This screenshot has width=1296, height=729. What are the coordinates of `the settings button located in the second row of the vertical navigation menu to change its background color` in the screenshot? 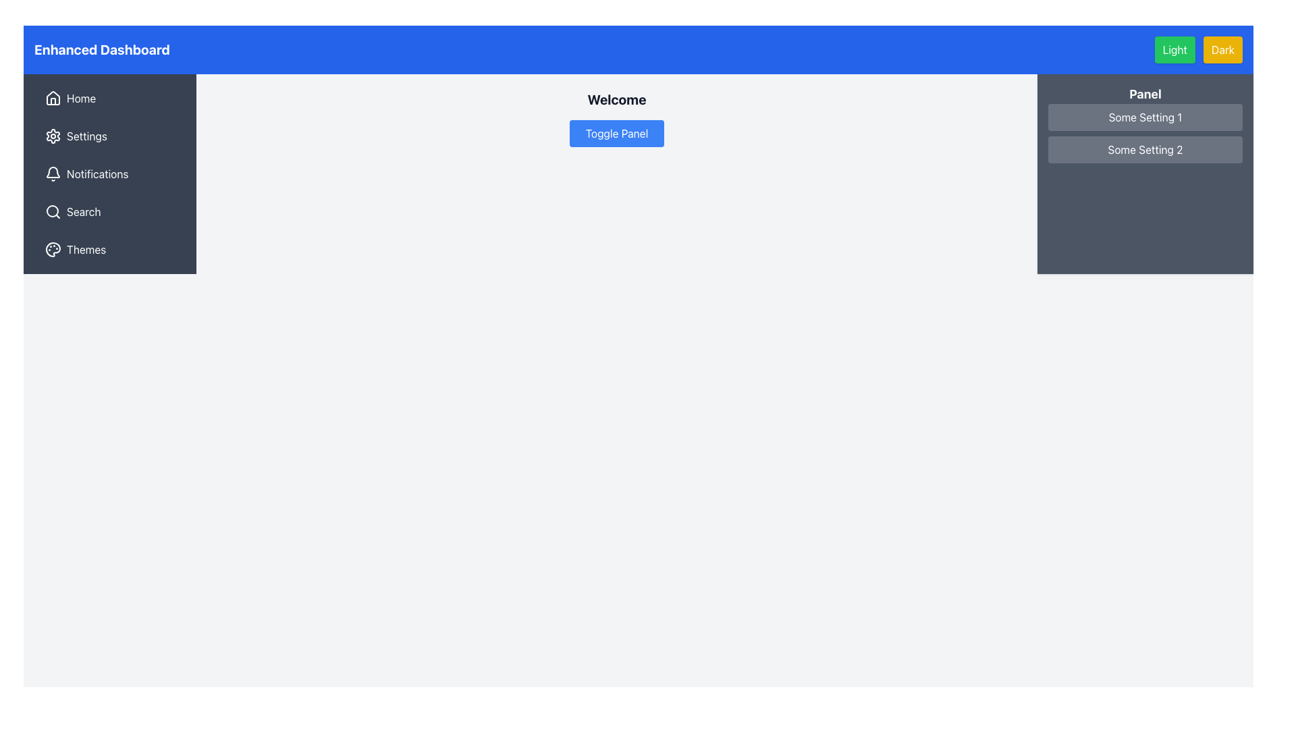 It's located at (110, 136).